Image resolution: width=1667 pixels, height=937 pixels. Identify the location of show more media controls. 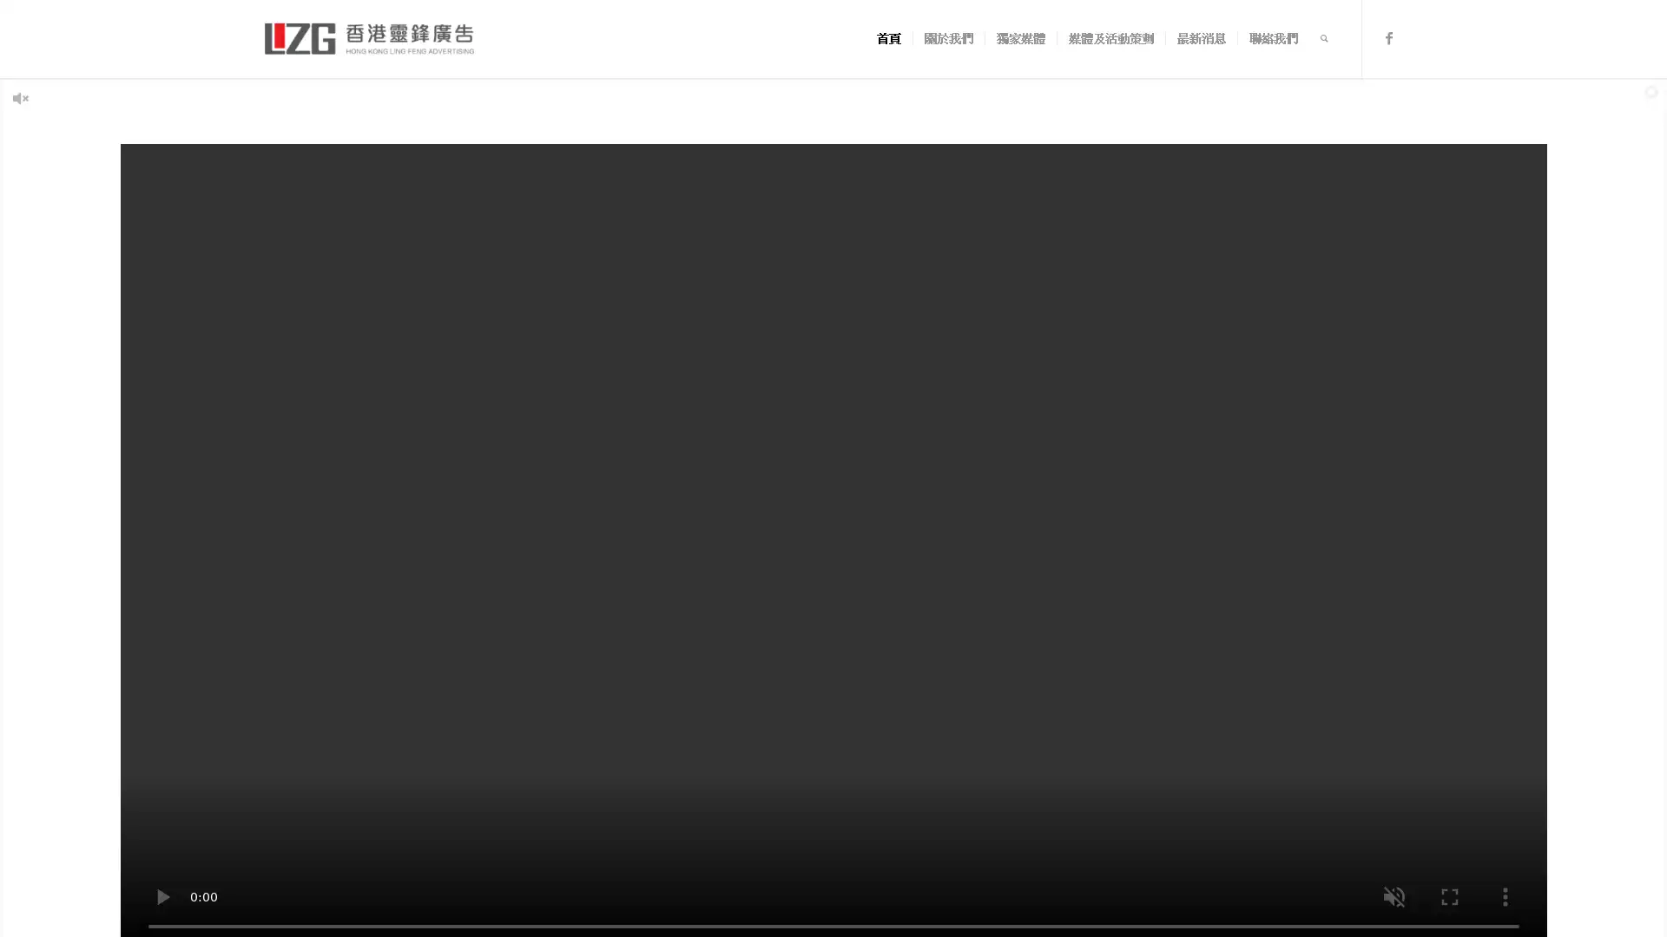
(1503, 896).